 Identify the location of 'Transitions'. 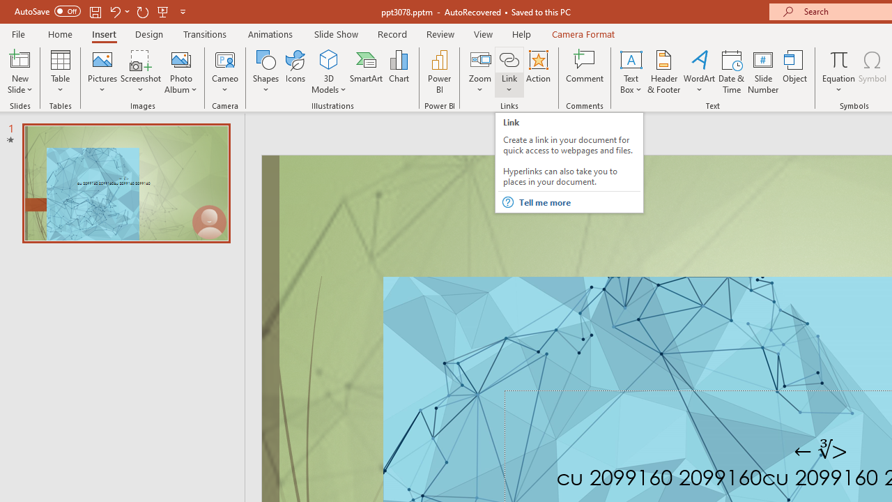
(205, 33).